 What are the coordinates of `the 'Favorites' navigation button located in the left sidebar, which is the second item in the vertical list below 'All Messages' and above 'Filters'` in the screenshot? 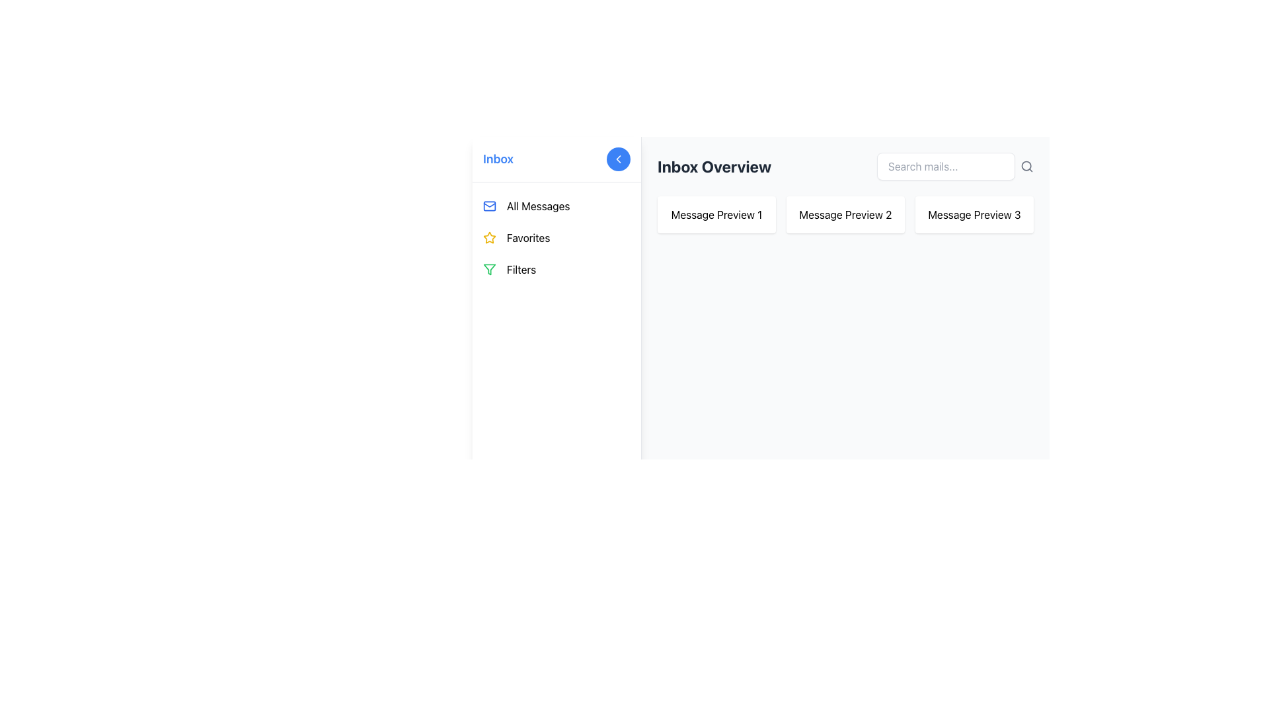 It's located at (557, 237).